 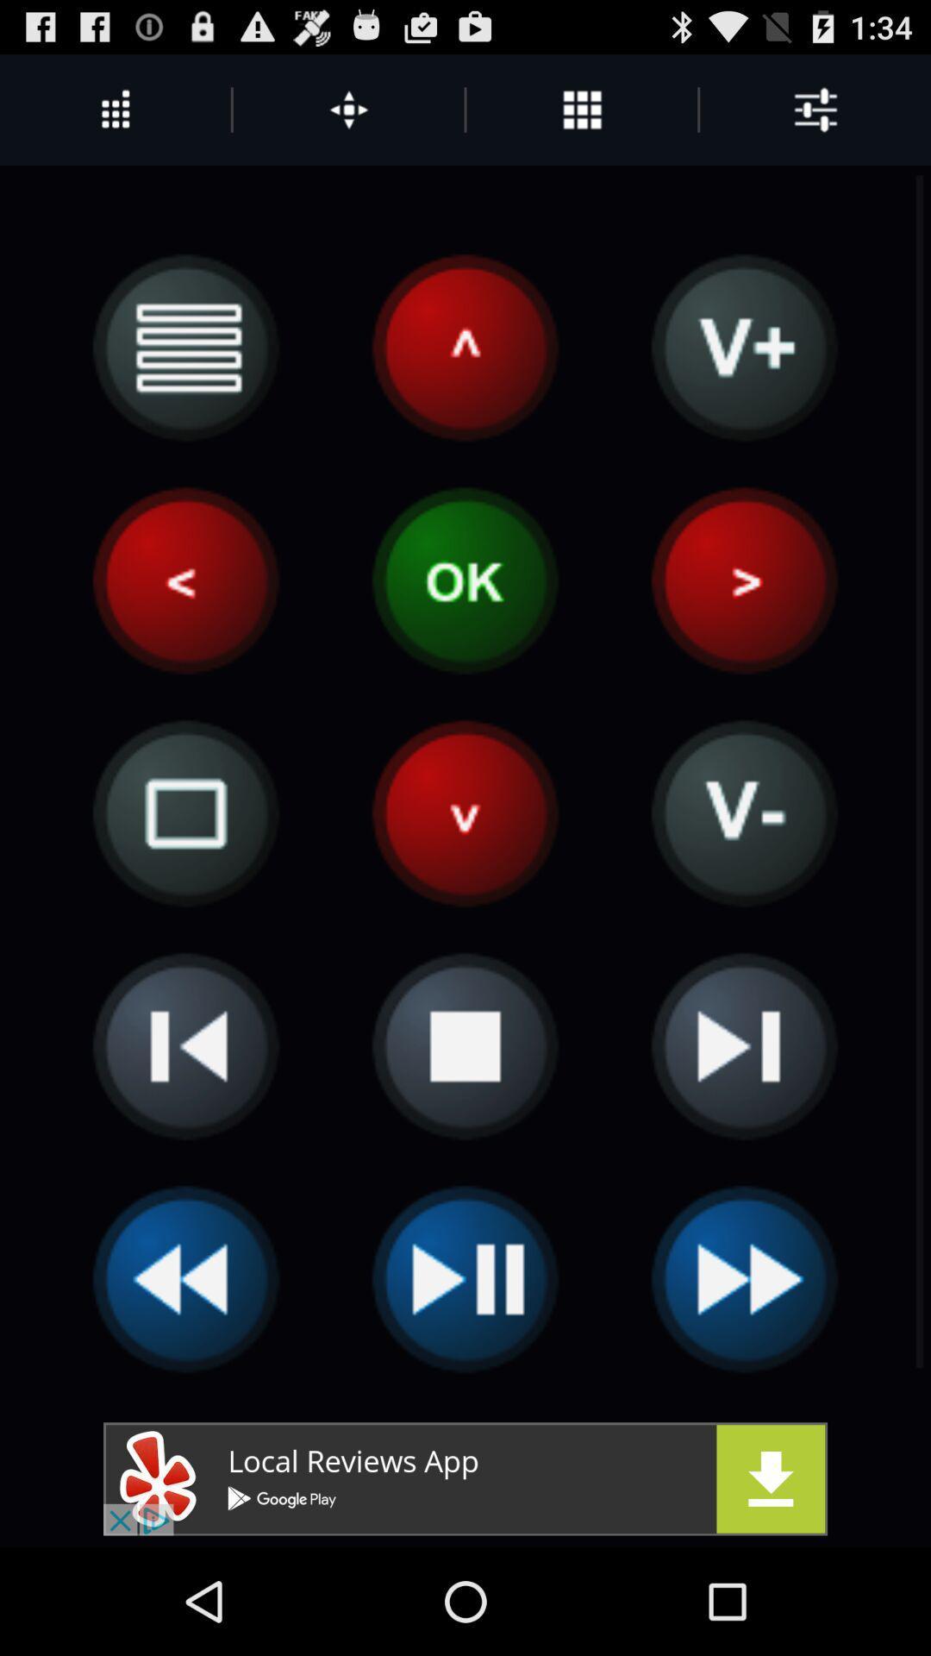 I want to click on the sliders icon, so click(x=815, y=116).